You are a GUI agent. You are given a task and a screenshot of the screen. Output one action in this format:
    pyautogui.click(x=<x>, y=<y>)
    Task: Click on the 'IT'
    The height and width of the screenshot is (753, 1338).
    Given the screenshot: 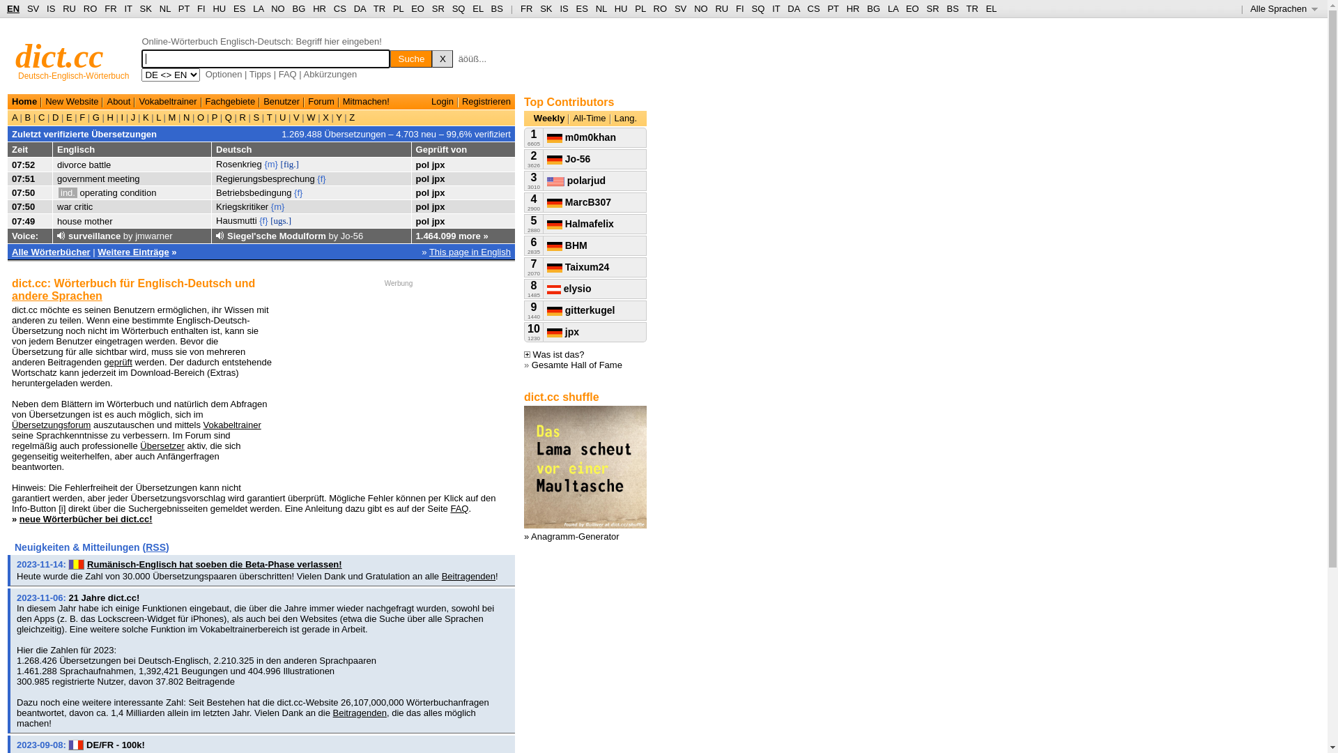 What is the action you would take?
    pyautogui.click(x=128, y=8)
    